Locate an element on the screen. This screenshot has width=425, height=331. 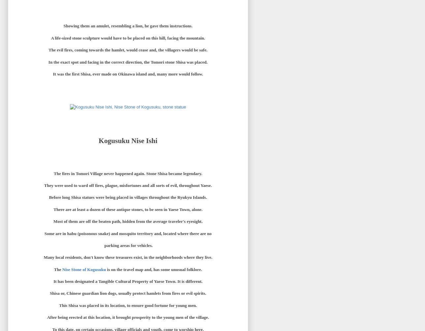
'Many local residents, don't know these treasures exist, in the neighborhoods where they live.' is located at coordinates (128, 257).